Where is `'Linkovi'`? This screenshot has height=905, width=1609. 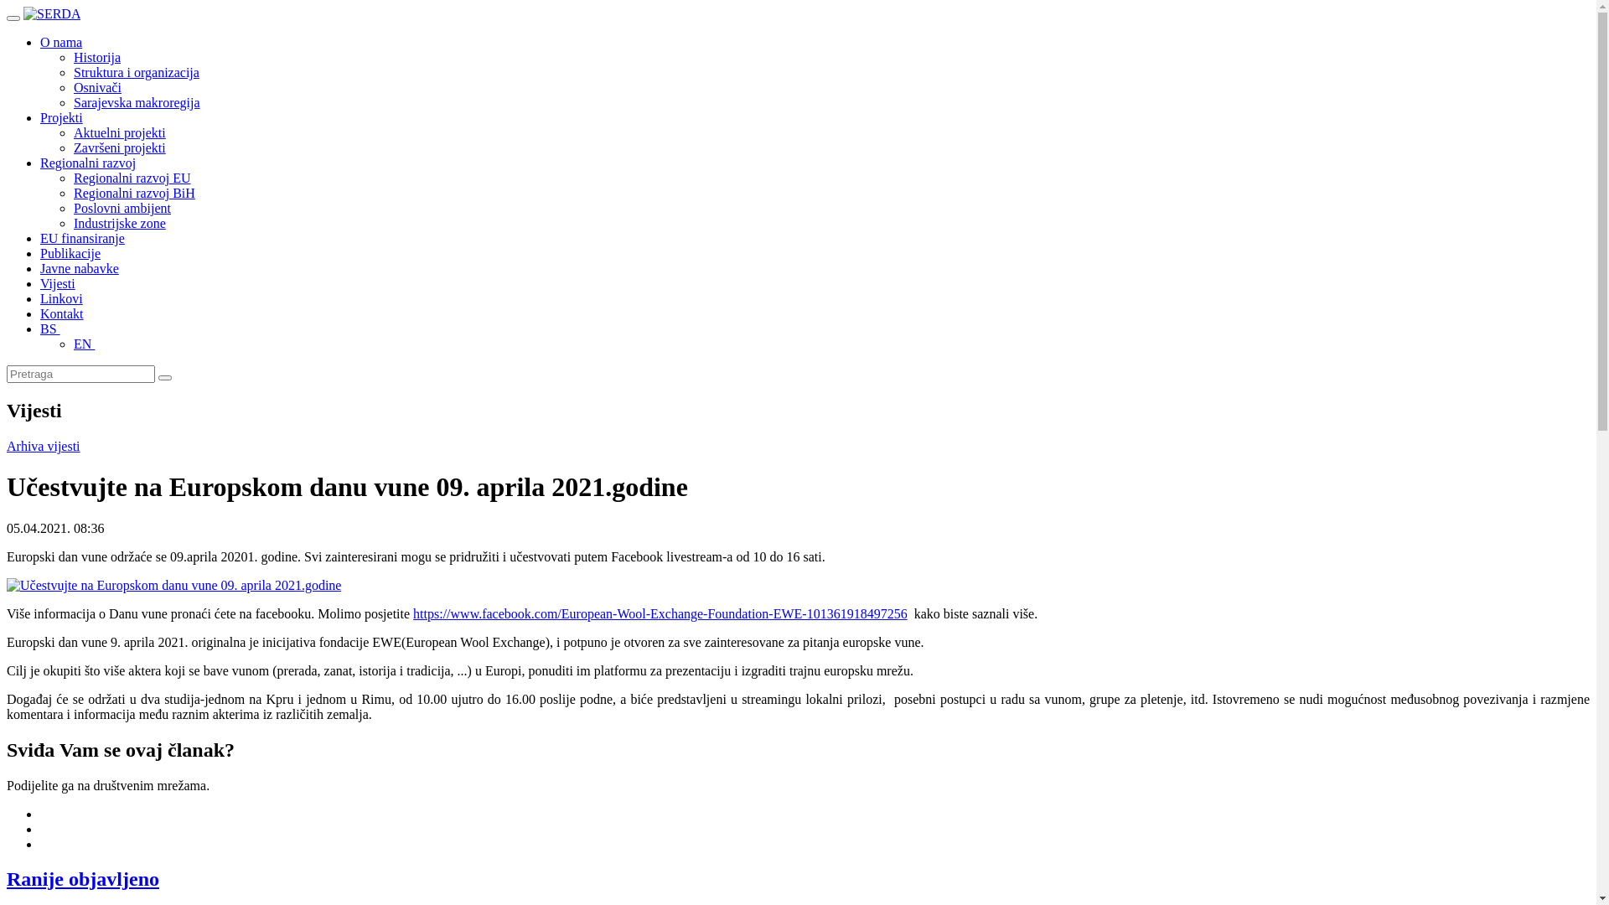
'Linkovi' is located at coordinates (40, 297).